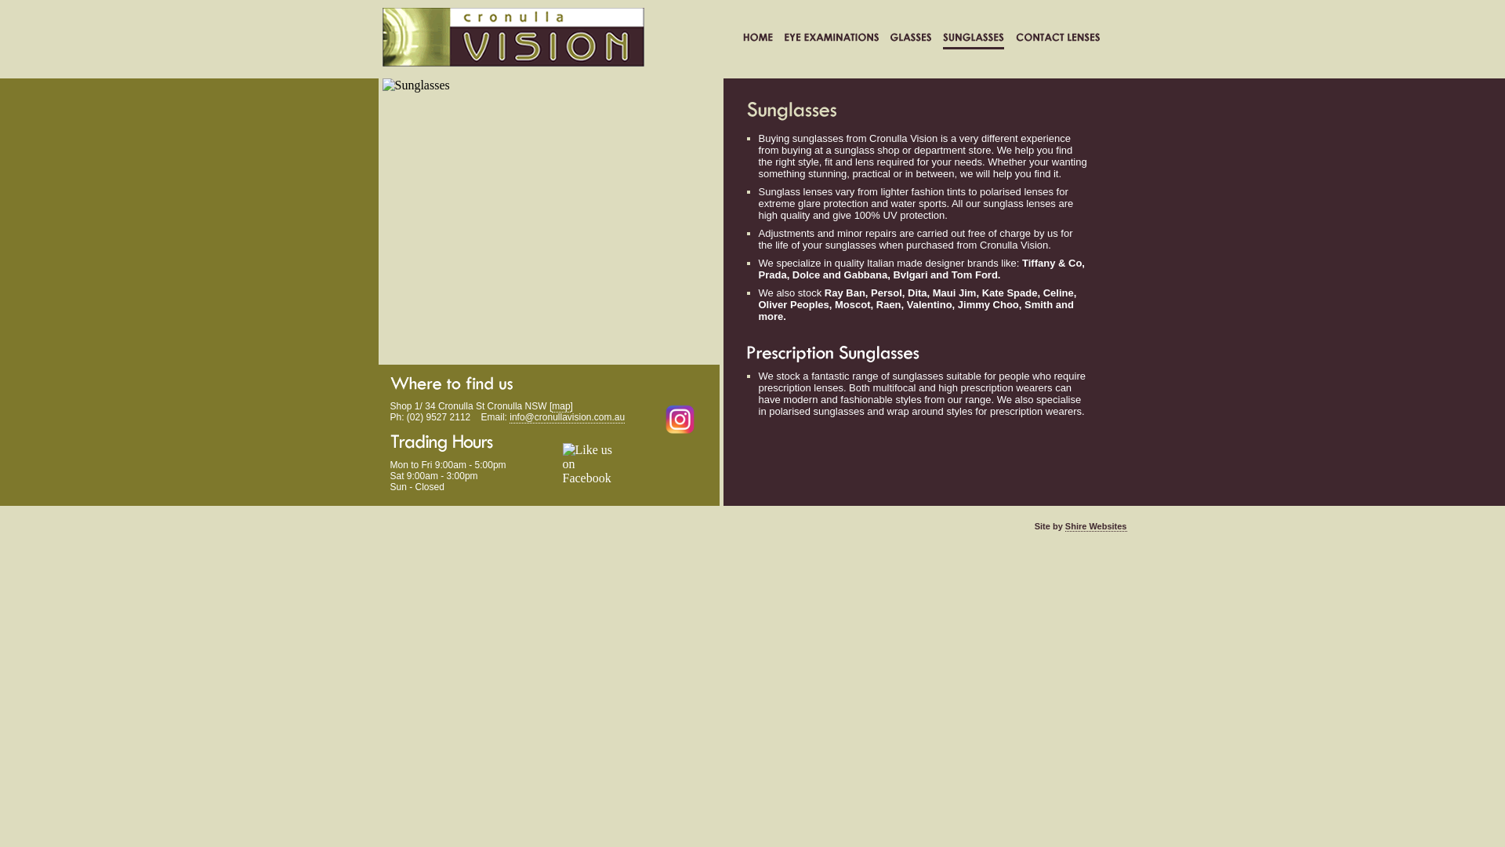 This screenshot has width=1505, height=847. I want to click on 'map', so click(552, 405).